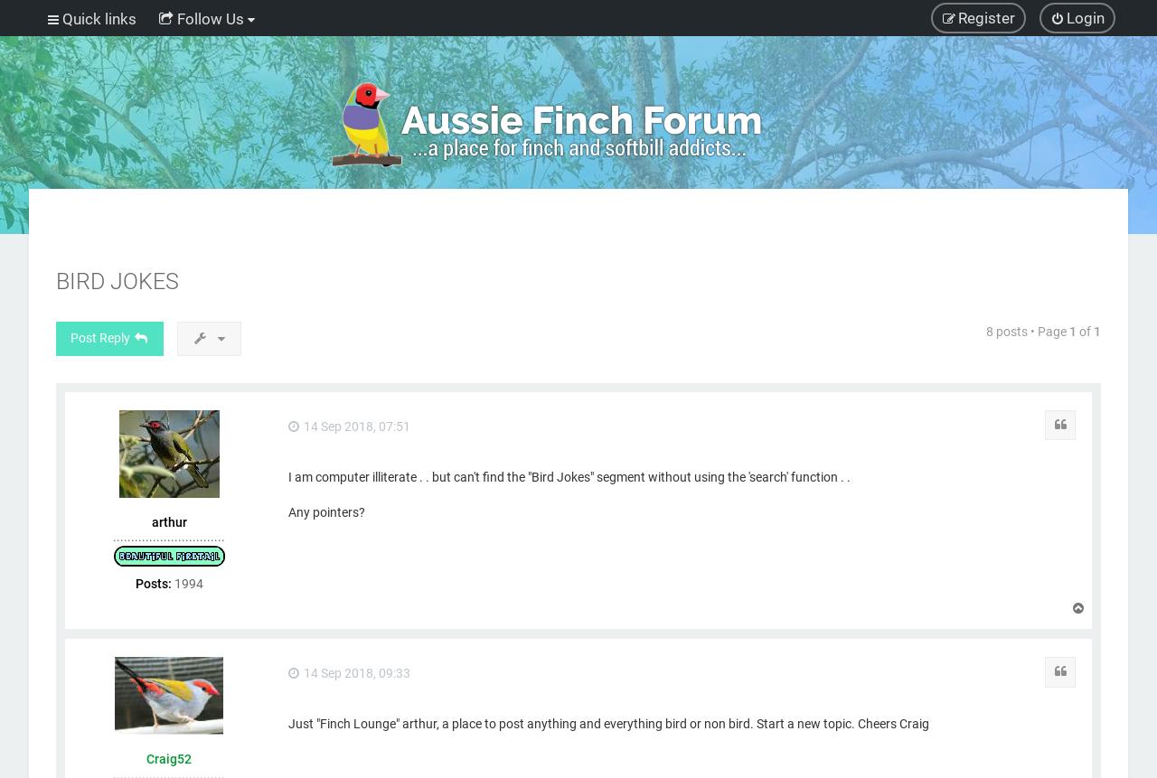 This screenshot has height=778, width=1157. Describe the element at coordinates (608, 723) in the screenshot. I see `'Just "Finch Lounge"  arthur, a place to post anything and everything bird or non bird. Start a new topic.  Cheers  Craig'` at that location.